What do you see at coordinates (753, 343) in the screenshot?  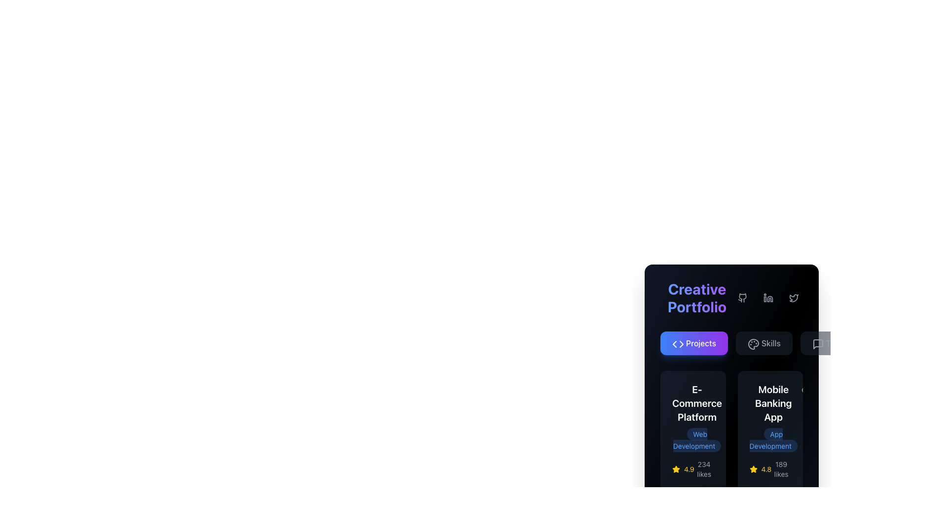 I see `the decorative icon representing artistic or skill-related content, located to the right of the 'Skills' button` at bounding box center [753, 343].